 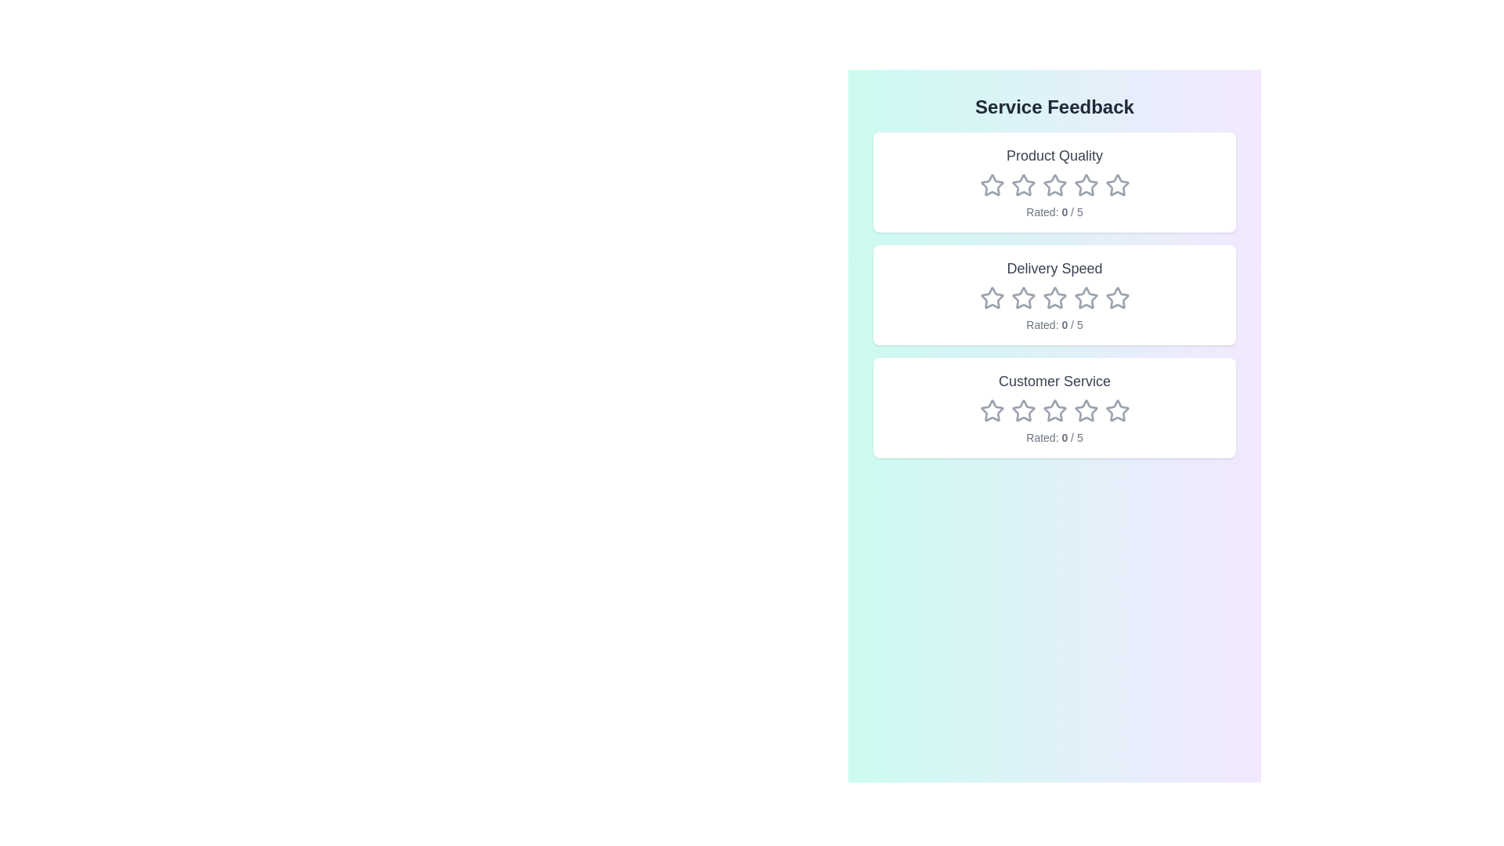 What do you see at coordinates (1054, 410) in the screenshot?
I see `the rating for the category Customer Service to 3 stars` at bounding box center [1054, 410].